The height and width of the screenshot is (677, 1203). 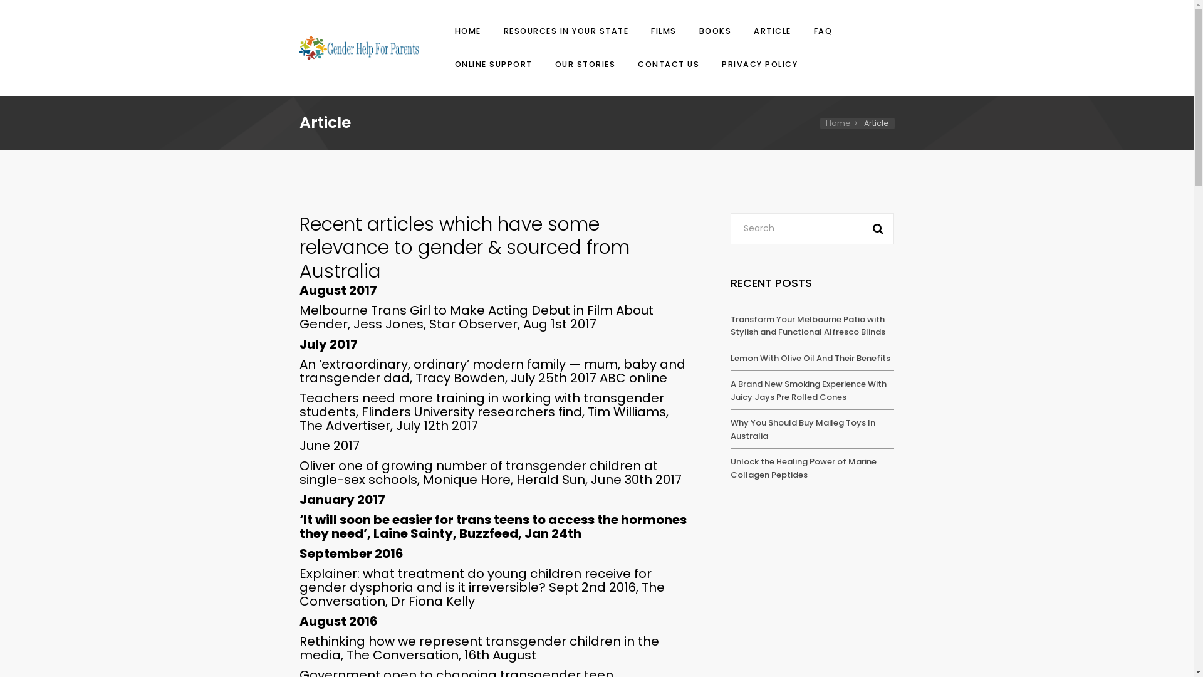 What do you see at coordinates (584, 64) in the screenshot?
I see `'OUR STORIES'` at bounding box center [584, 64].